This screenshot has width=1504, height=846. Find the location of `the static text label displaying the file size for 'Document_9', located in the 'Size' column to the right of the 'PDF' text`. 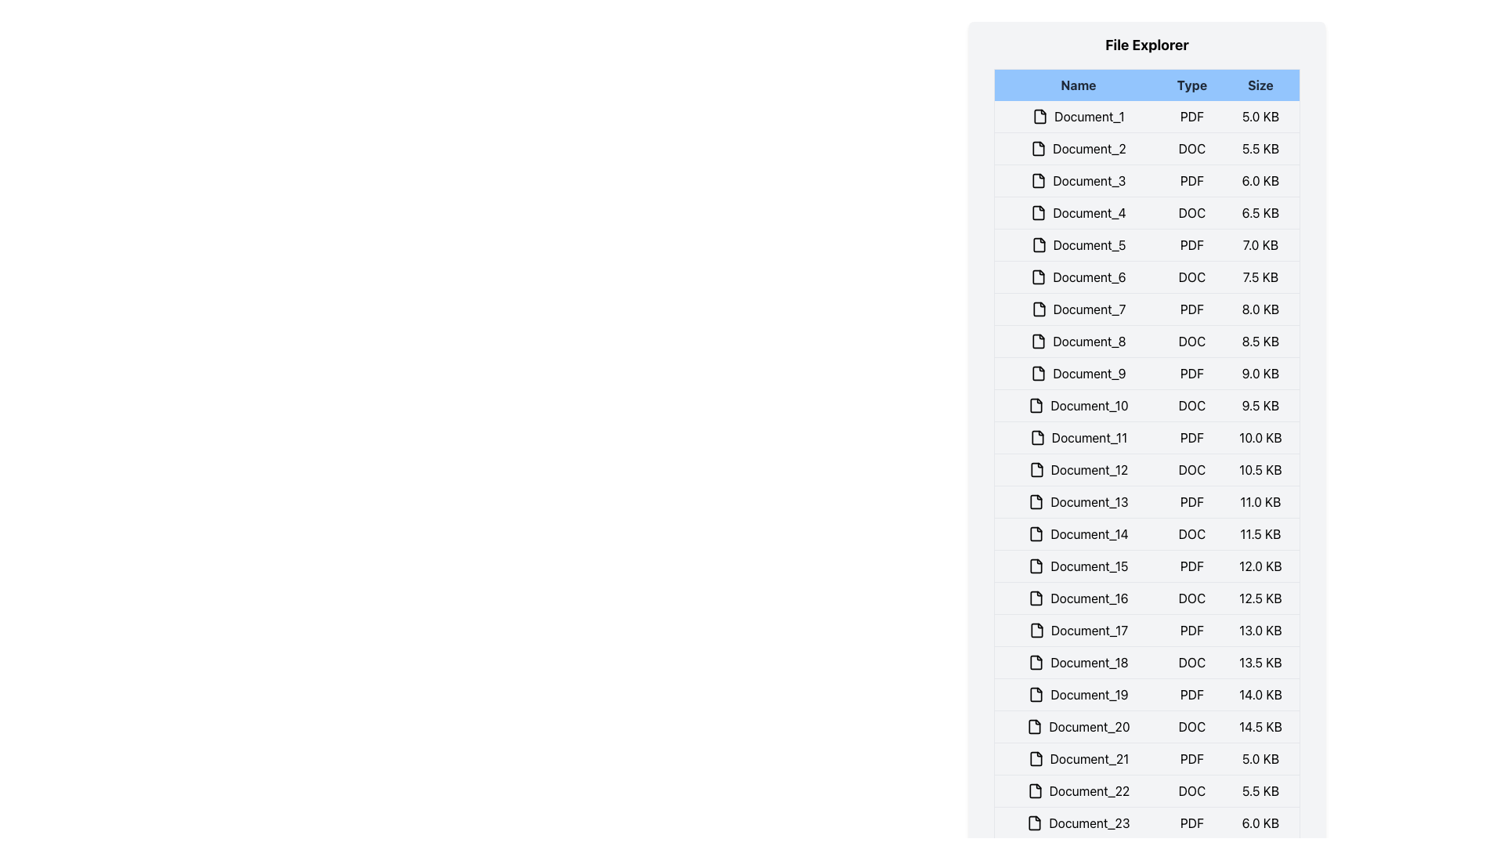

the static text label displaying the file size for 'Document_9', located in the 'Size' column to the right of the 'PDF' text is located at coordinates (1260, 374).